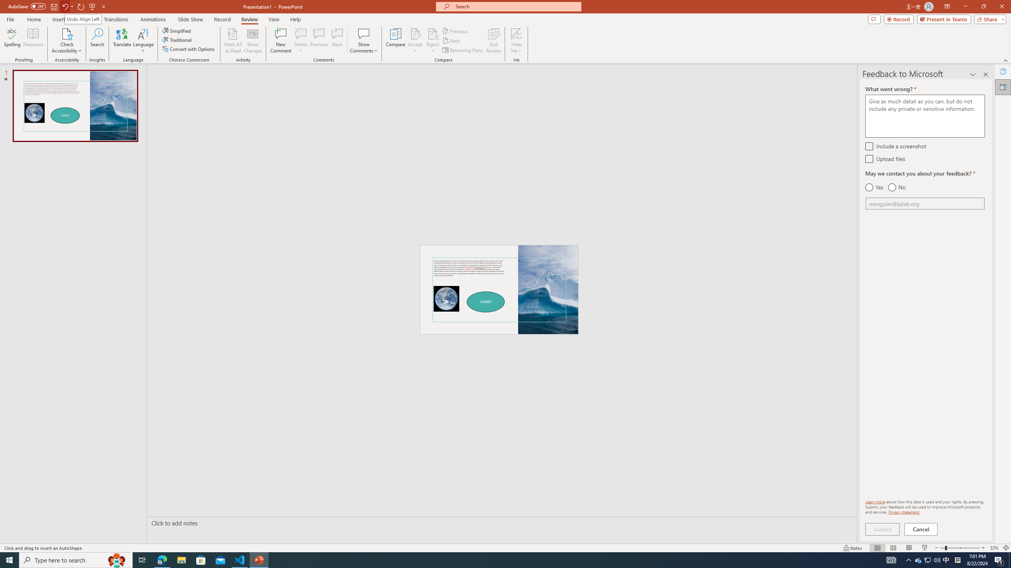 This screenshot has height=568, width=1011. What do you see at coordinates (32, 41) in the screenshot?
I see `'Thesaurus...'` at bounding box center [32, 41].